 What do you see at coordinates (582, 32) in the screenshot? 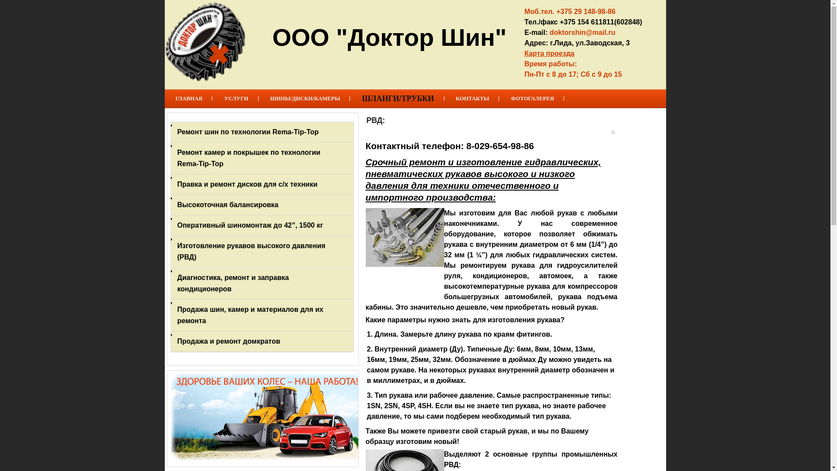
I see `'doktorshin@mail.ru'` at bounding box center [582, 32].